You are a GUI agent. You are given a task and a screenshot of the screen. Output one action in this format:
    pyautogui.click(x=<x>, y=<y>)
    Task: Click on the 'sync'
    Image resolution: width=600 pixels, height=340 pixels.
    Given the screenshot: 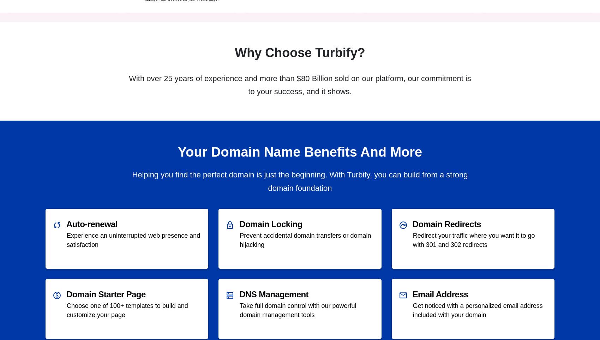 What is the action you would take?
    pyautogui.click(x=56, y=225)
    